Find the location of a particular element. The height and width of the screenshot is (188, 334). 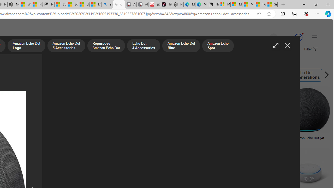

'Filter' is located at coordinates (310, 49).